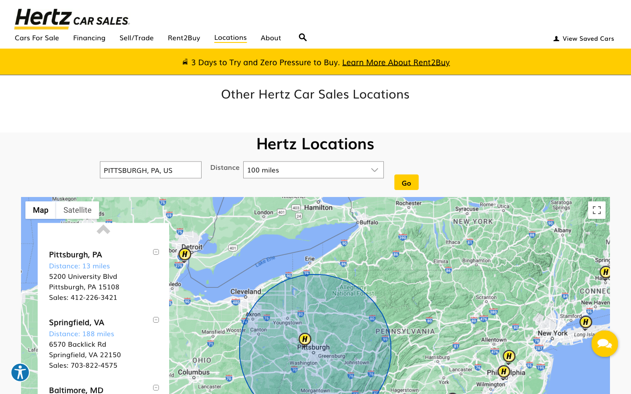 The image size is (631, 394). Describe the element at coordinates (582, 36) in the screenshot. I see `"View Saved Cars", enter the email "andrew@cmu.edu" and username "andrew"` at that location.